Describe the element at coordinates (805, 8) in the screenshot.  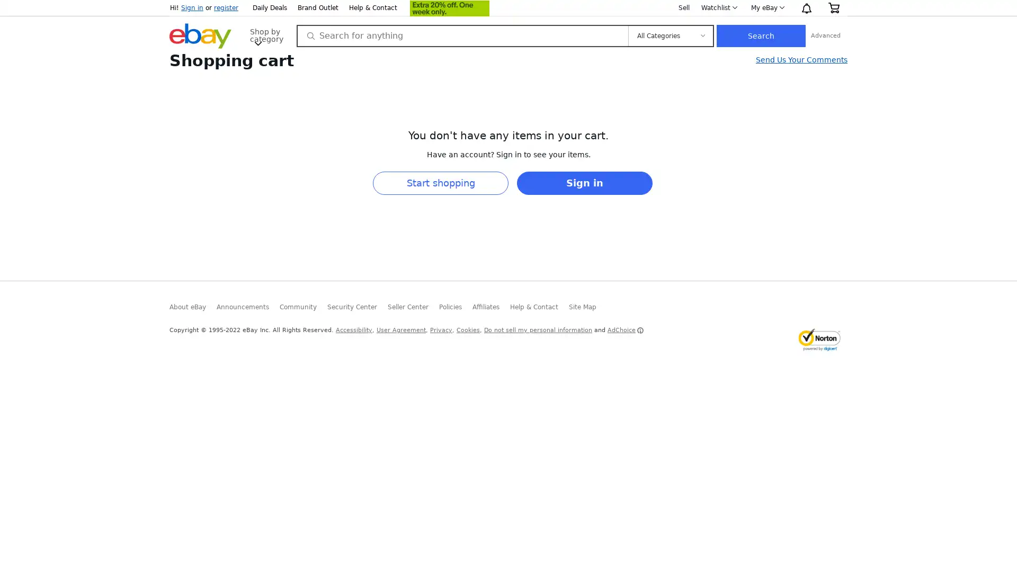
I see `Notification` at that location.